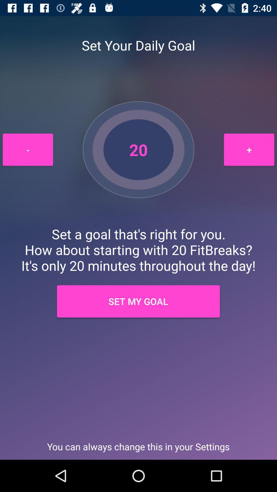 The height and width of the screenshot is (492, 277). Describe the element at coordinates (249, 149) in the screenshot. I see `item to the right of the 20` at that location.